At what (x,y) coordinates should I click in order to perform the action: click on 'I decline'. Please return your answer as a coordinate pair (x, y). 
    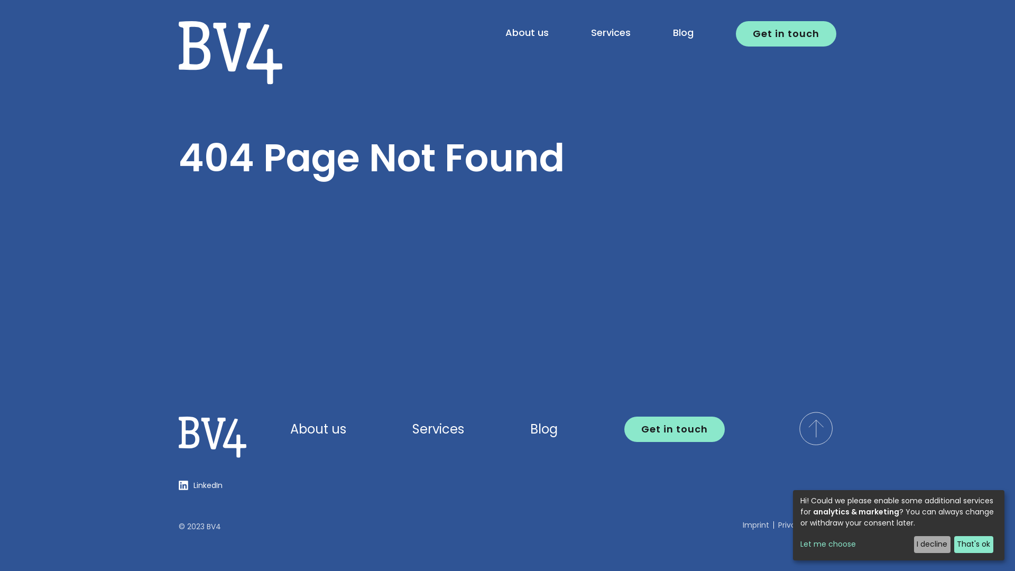
    Looking at the image, I should click on (932, 544).